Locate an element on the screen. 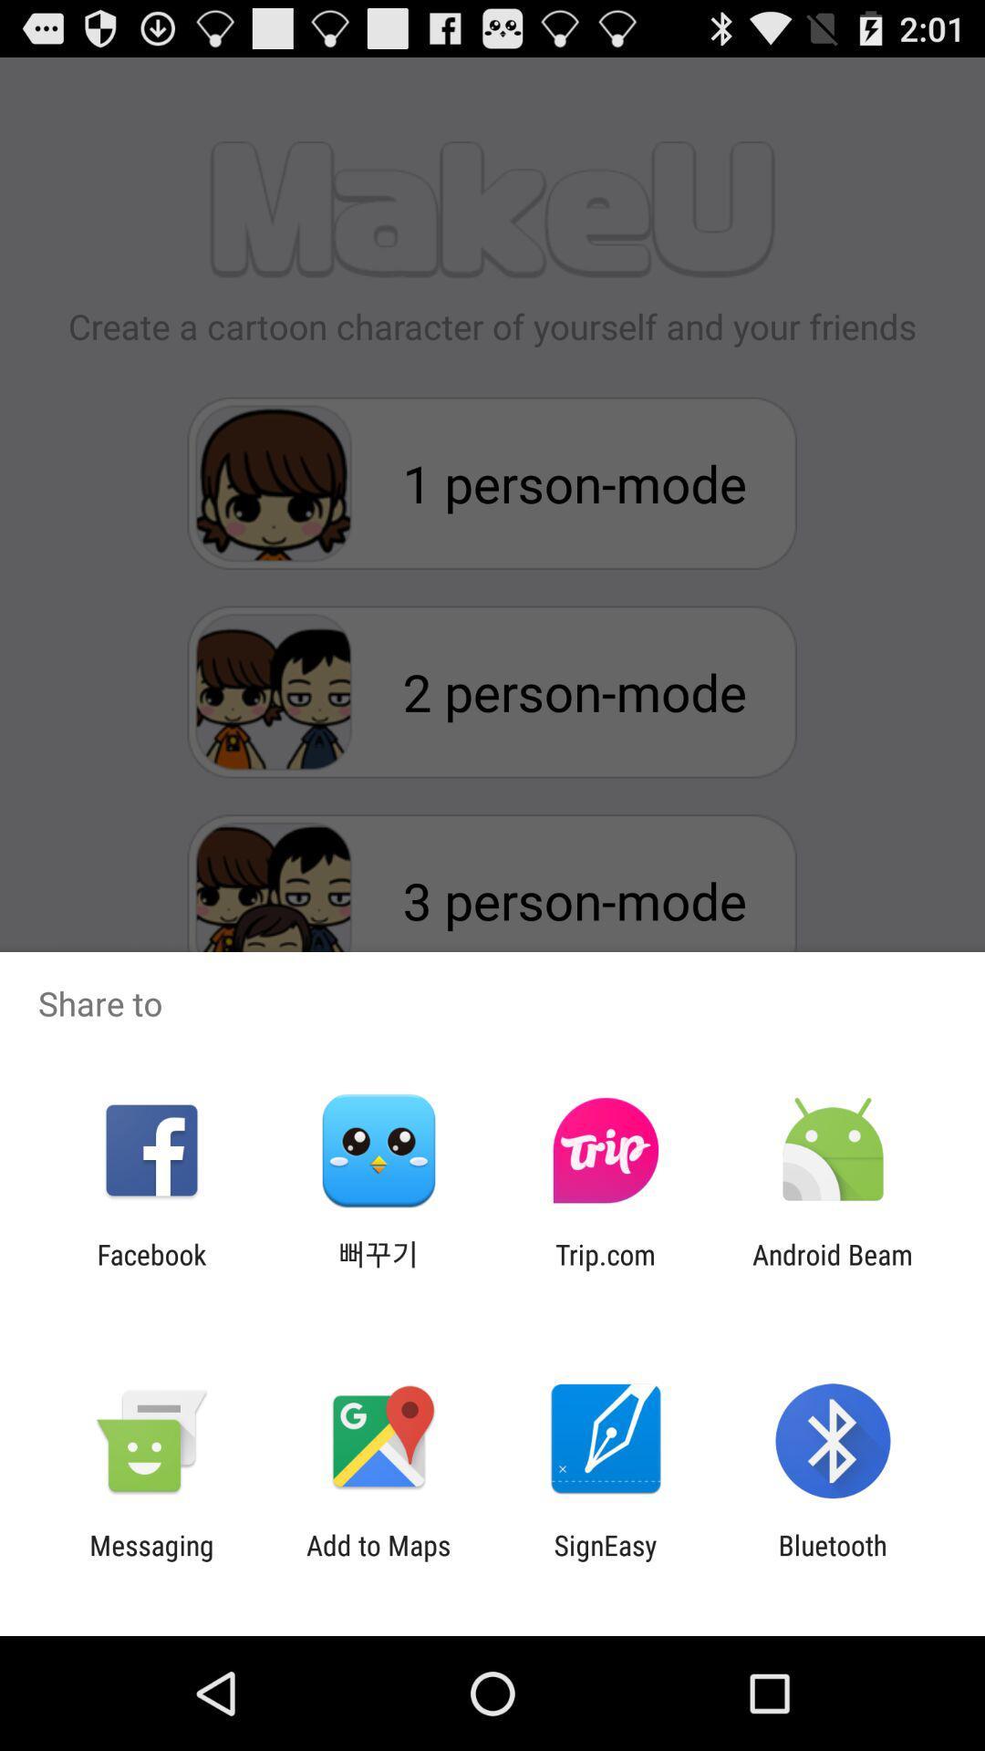 The width and height of the screenshot is (985, 1751). the app next to the add to maps app is located at coordinates (606, 1560).